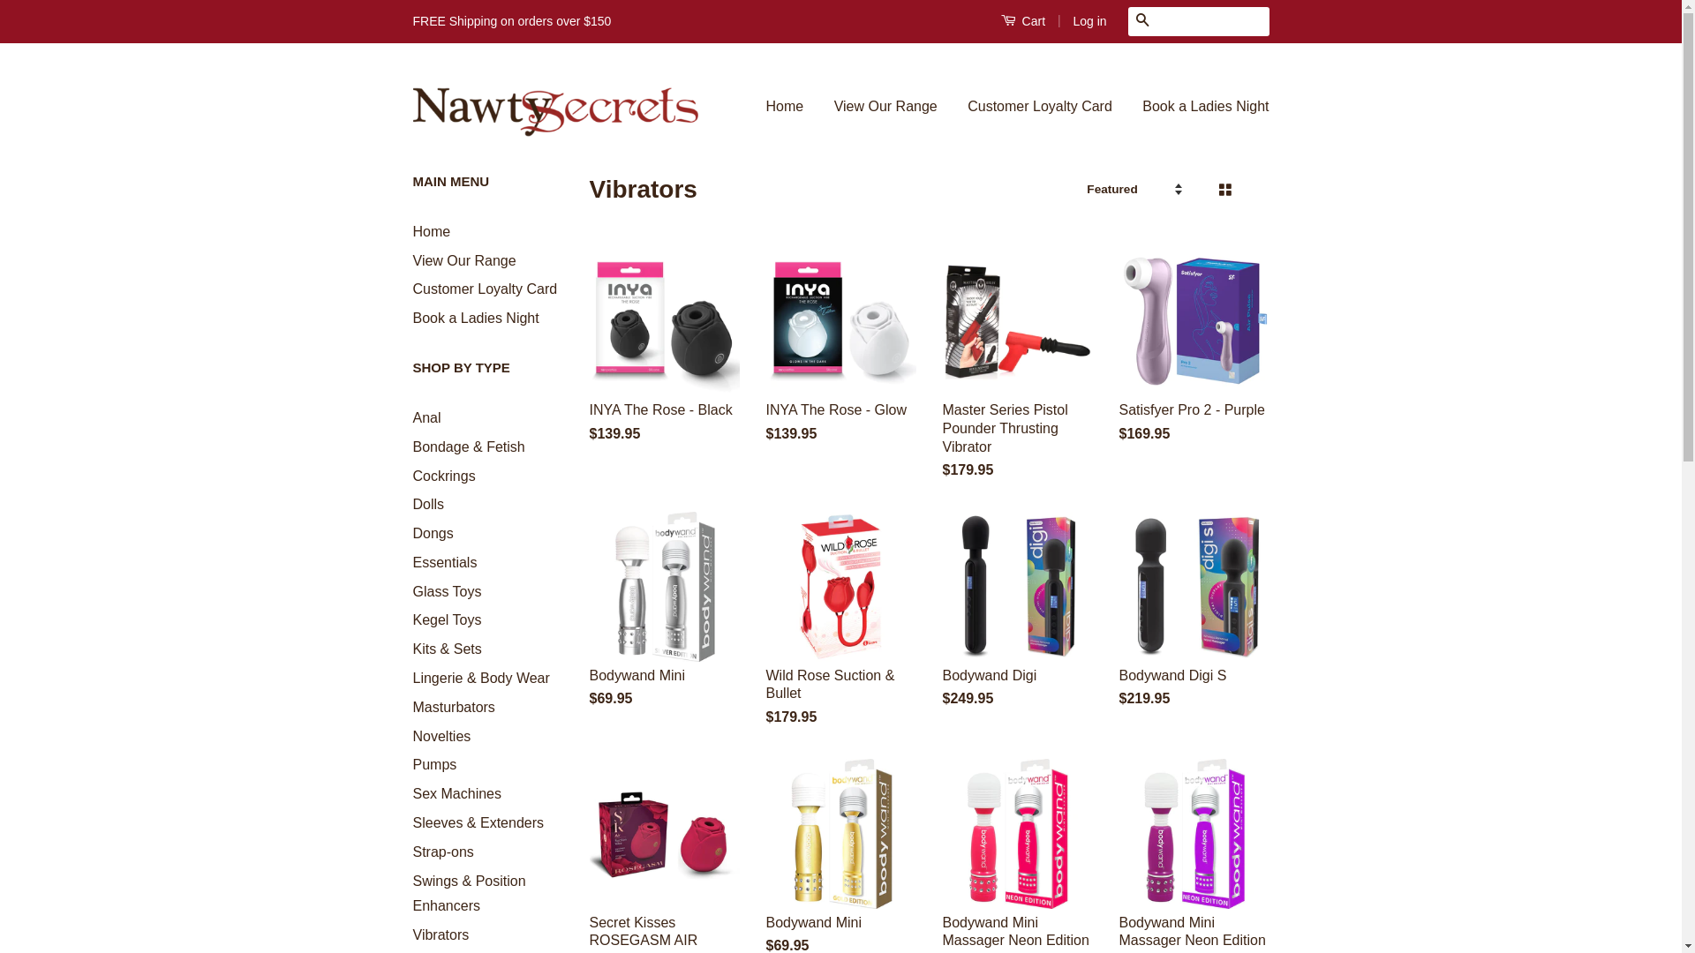  Describe the element at coordinates (1223, 190) in the screenshot. I see `'Grid View'` at that location.